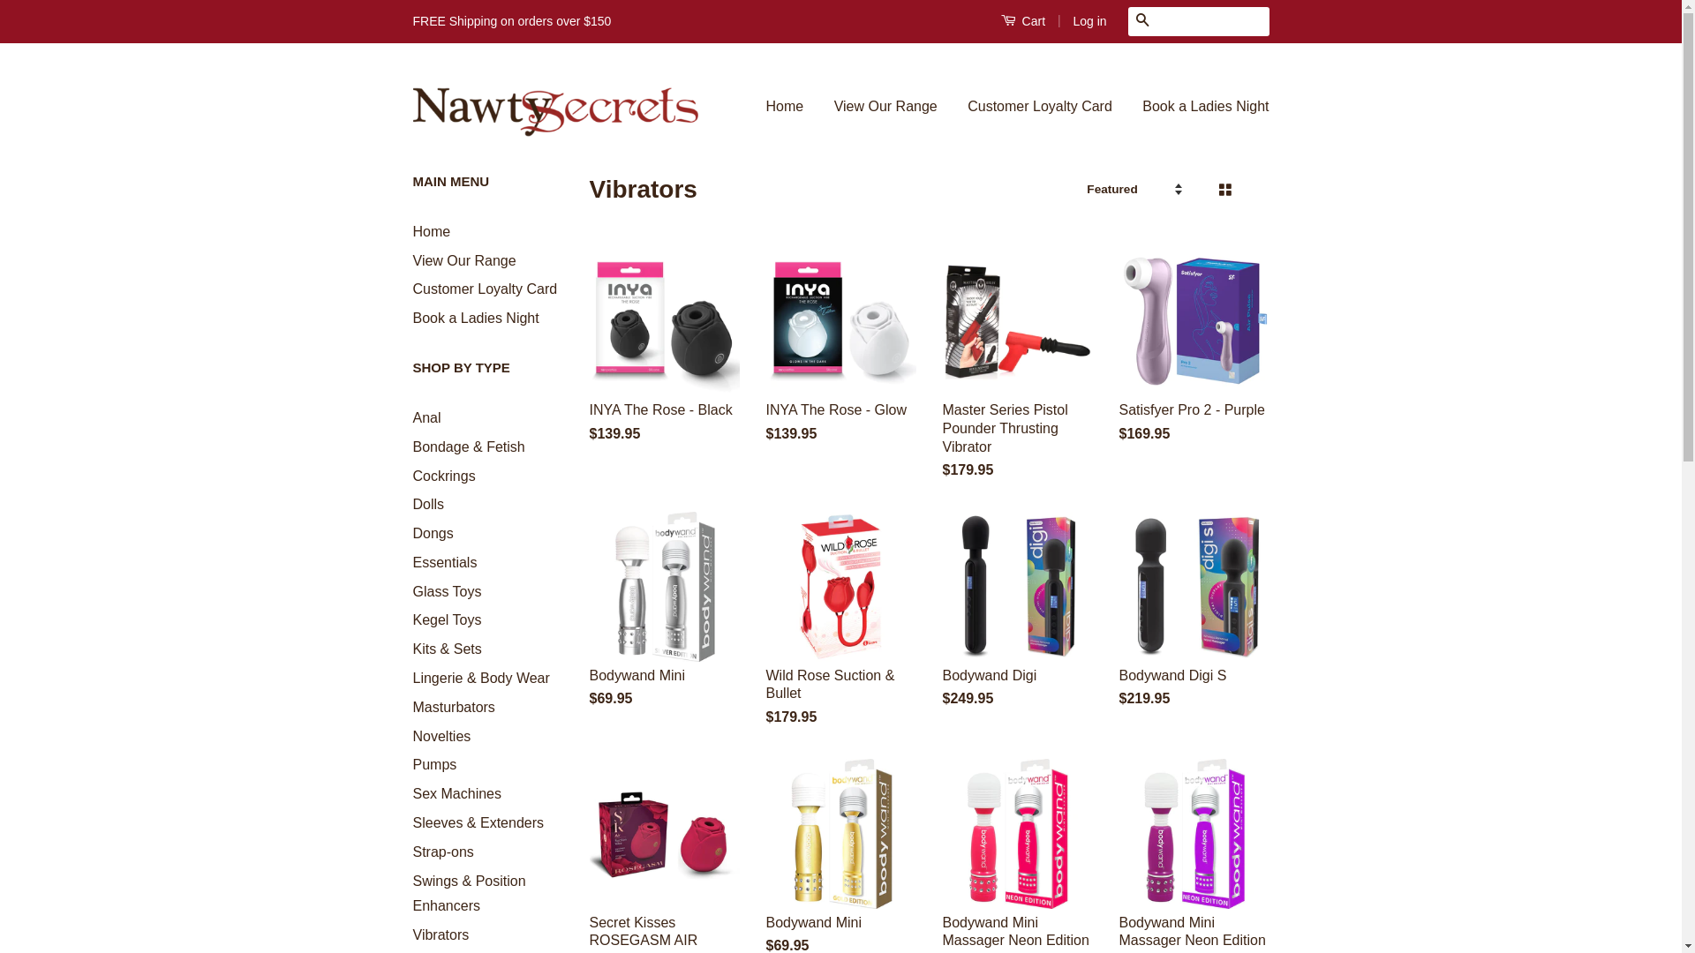  Describe the element at coordinates (1223, 190) in the screenshot. I see `'Grid View'` at that location.